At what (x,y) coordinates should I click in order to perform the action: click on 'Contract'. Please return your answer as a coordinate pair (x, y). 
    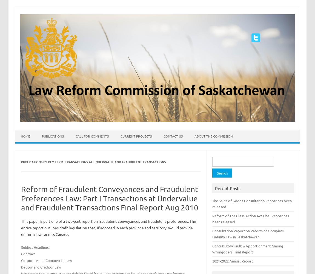
    Looking at the image, I should click on (27, 253).